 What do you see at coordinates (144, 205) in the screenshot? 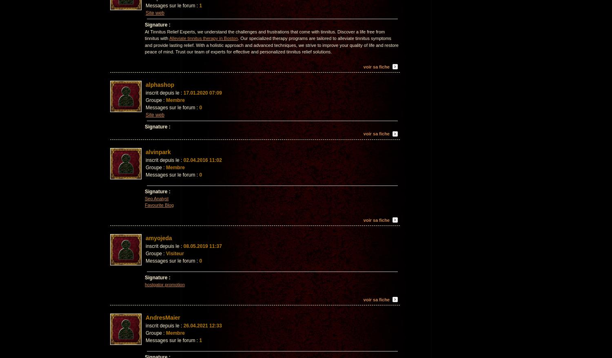
I see `'Favourite Blog'` at bounding box center [144, 205].